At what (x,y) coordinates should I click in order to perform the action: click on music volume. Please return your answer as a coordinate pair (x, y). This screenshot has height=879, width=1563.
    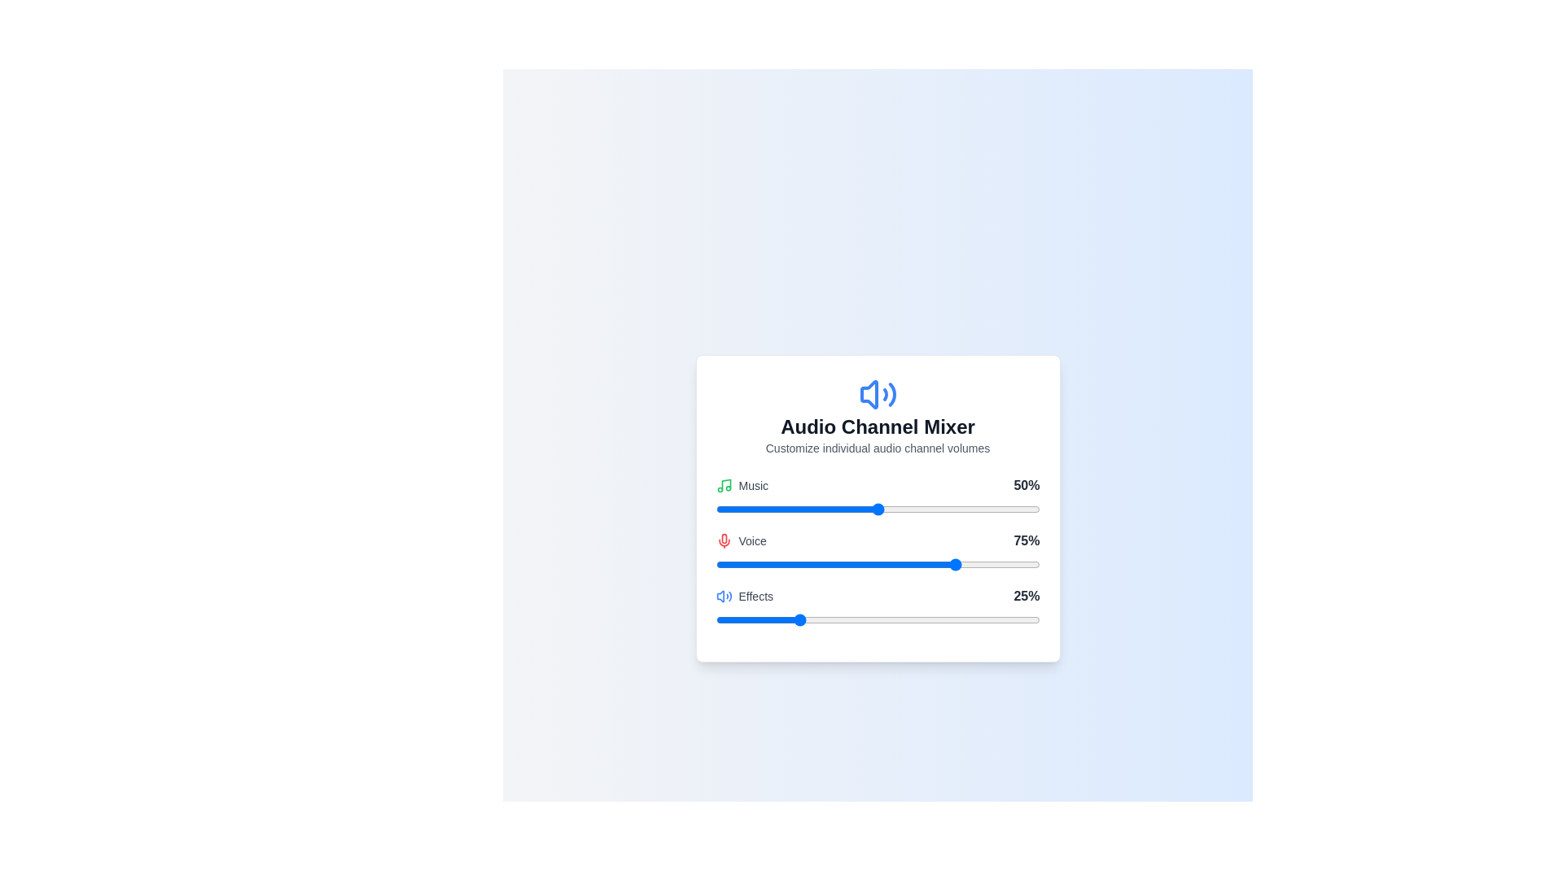
    Looking at the image, I should click on (883, 508).